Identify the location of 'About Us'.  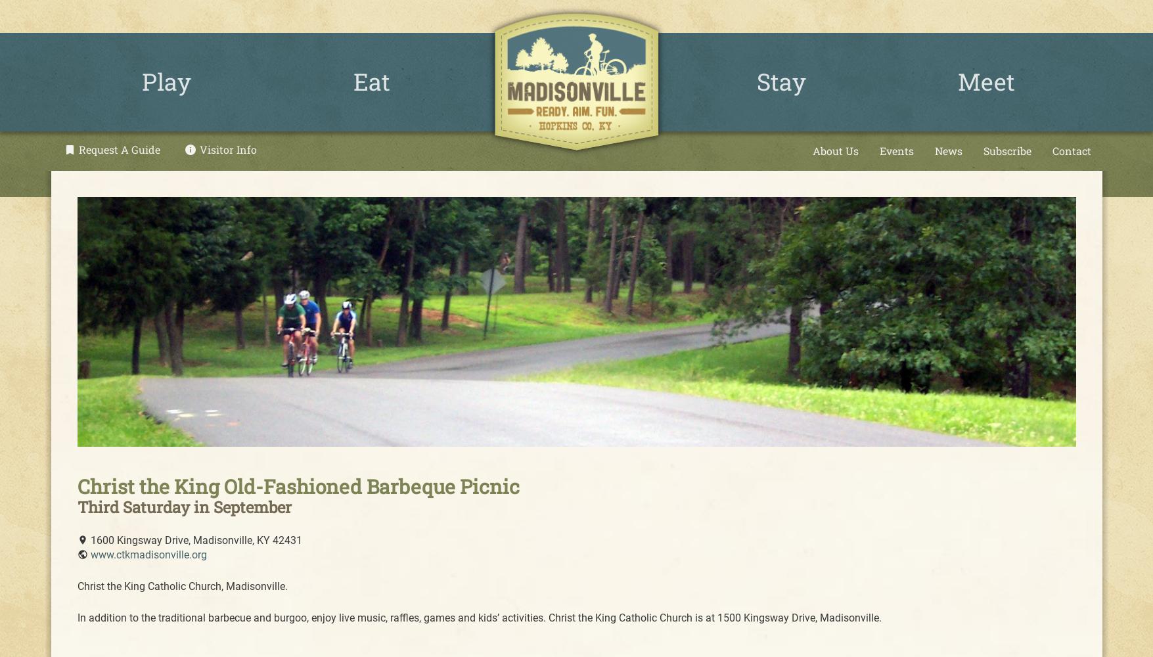
(812, 149).